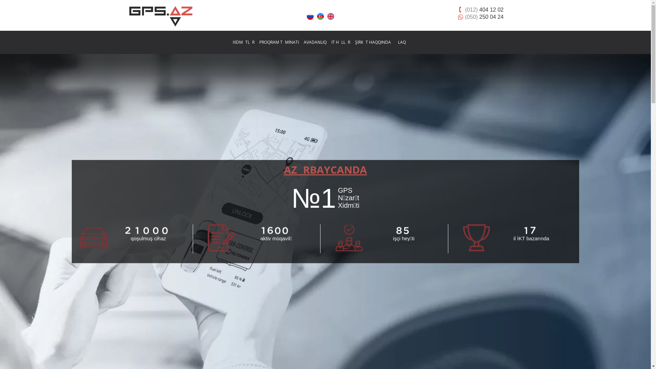  What do you see at coordinates (457, 16) in the screenshot?
I see `'(050) 250 04 24'` at bounding box center [457, 16].